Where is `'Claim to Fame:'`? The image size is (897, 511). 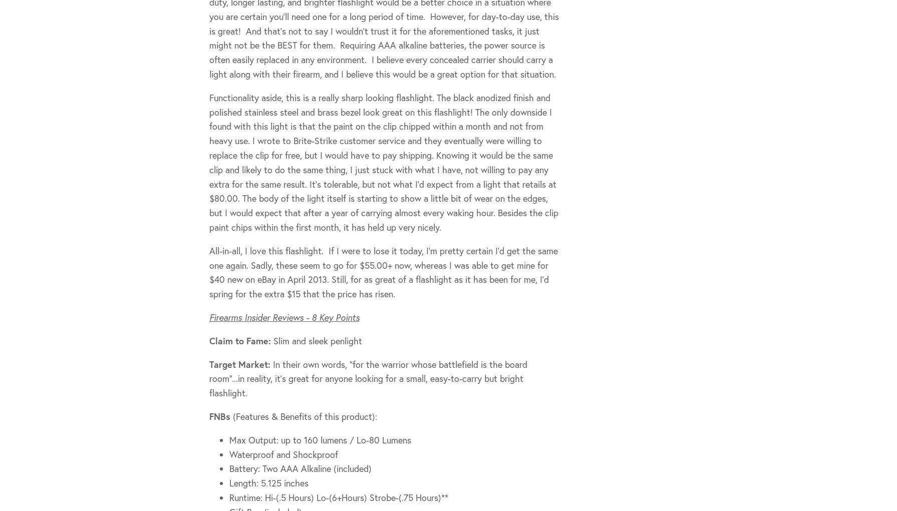
'Claim to Fame:' is located at coordinates (241, 340).